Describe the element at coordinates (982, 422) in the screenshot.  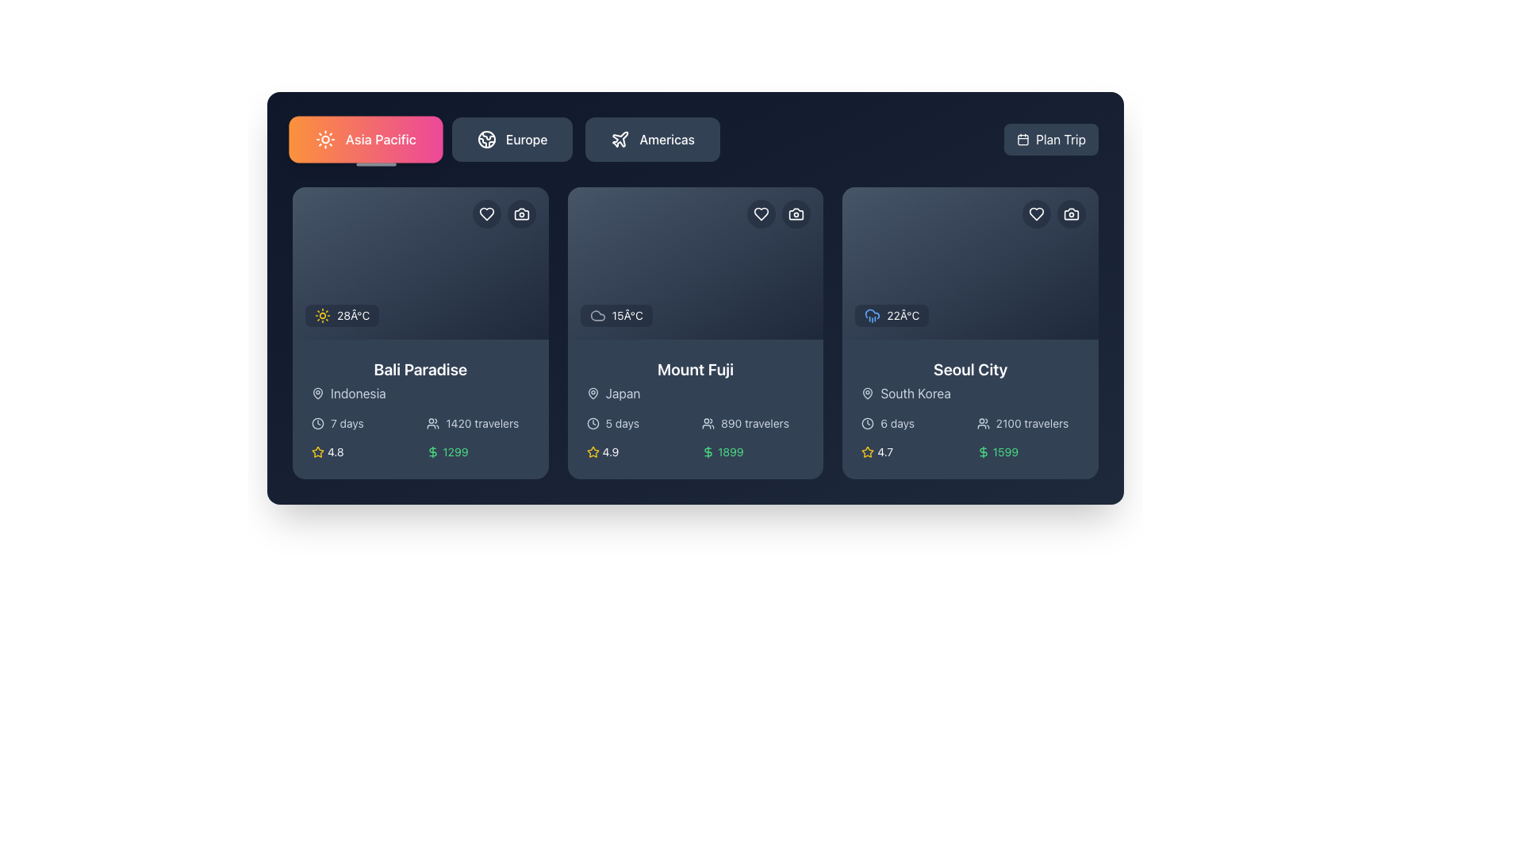
I see `the user group icon, which is a monochromatic SVG graphic depicting three individuals, located before the '2100 travelers' text in the Seoul City card` at that location.